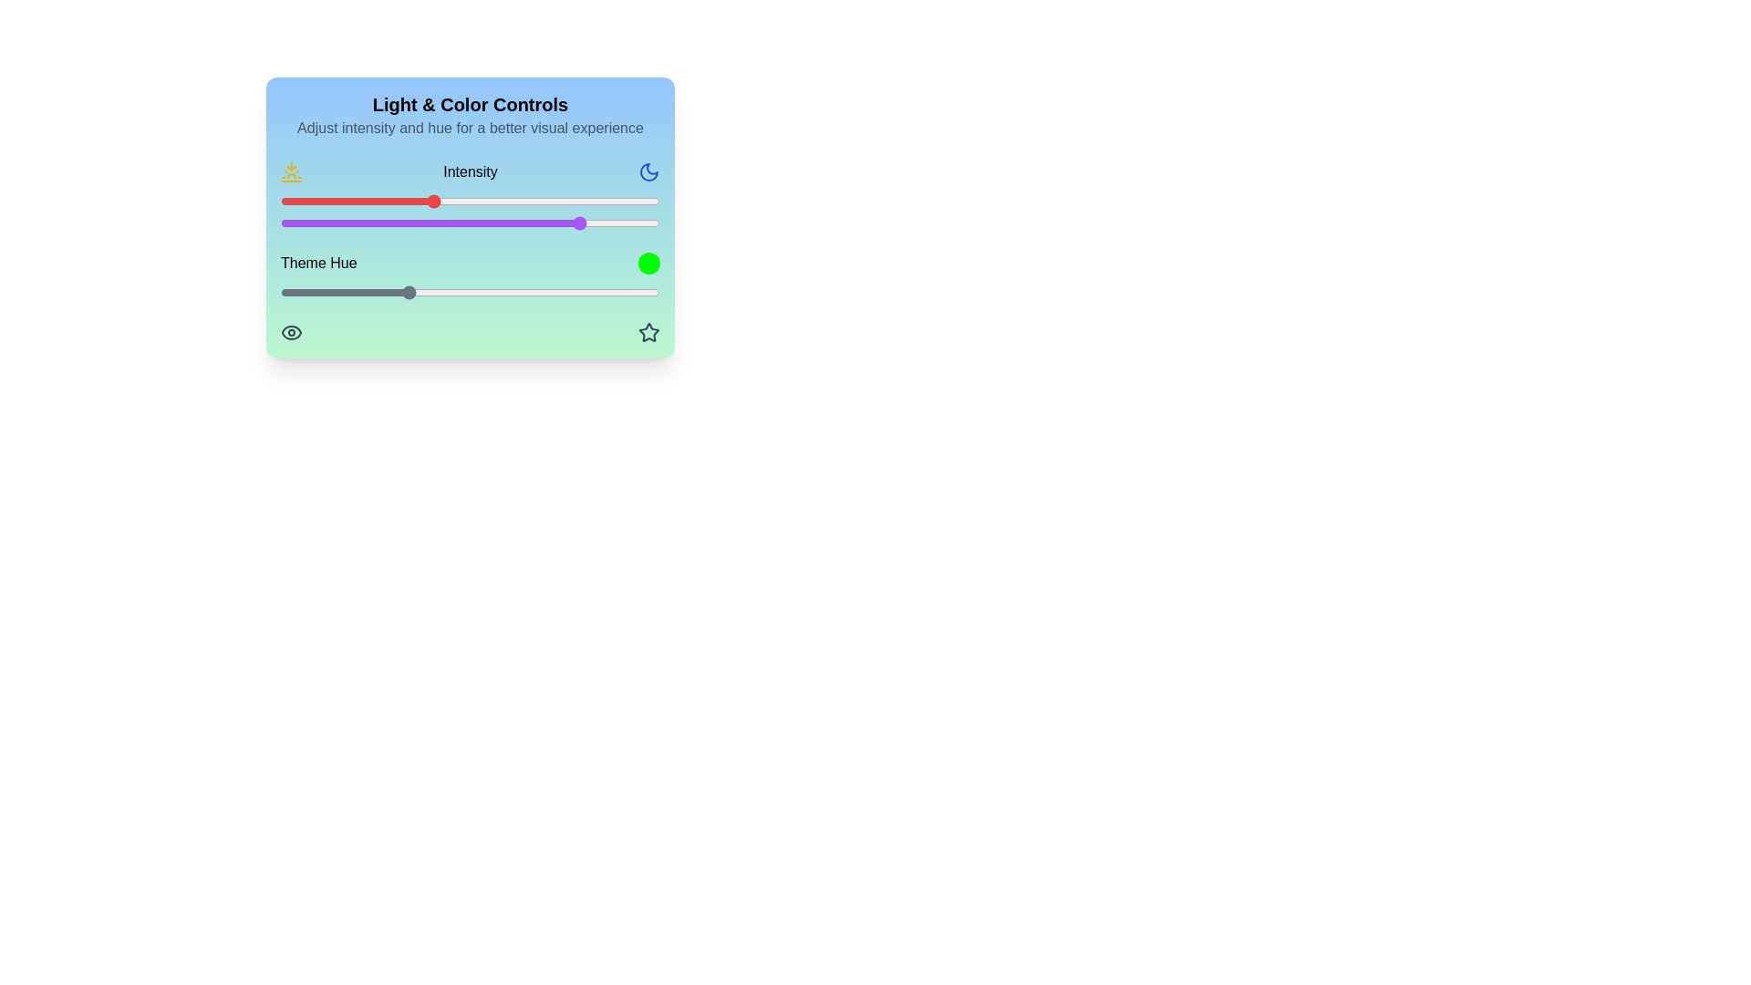 The height and width of the screenshot is (985, 1751). Describe the element at coordinates (428, 201) in the screenshot. I see `intensity` at that location.